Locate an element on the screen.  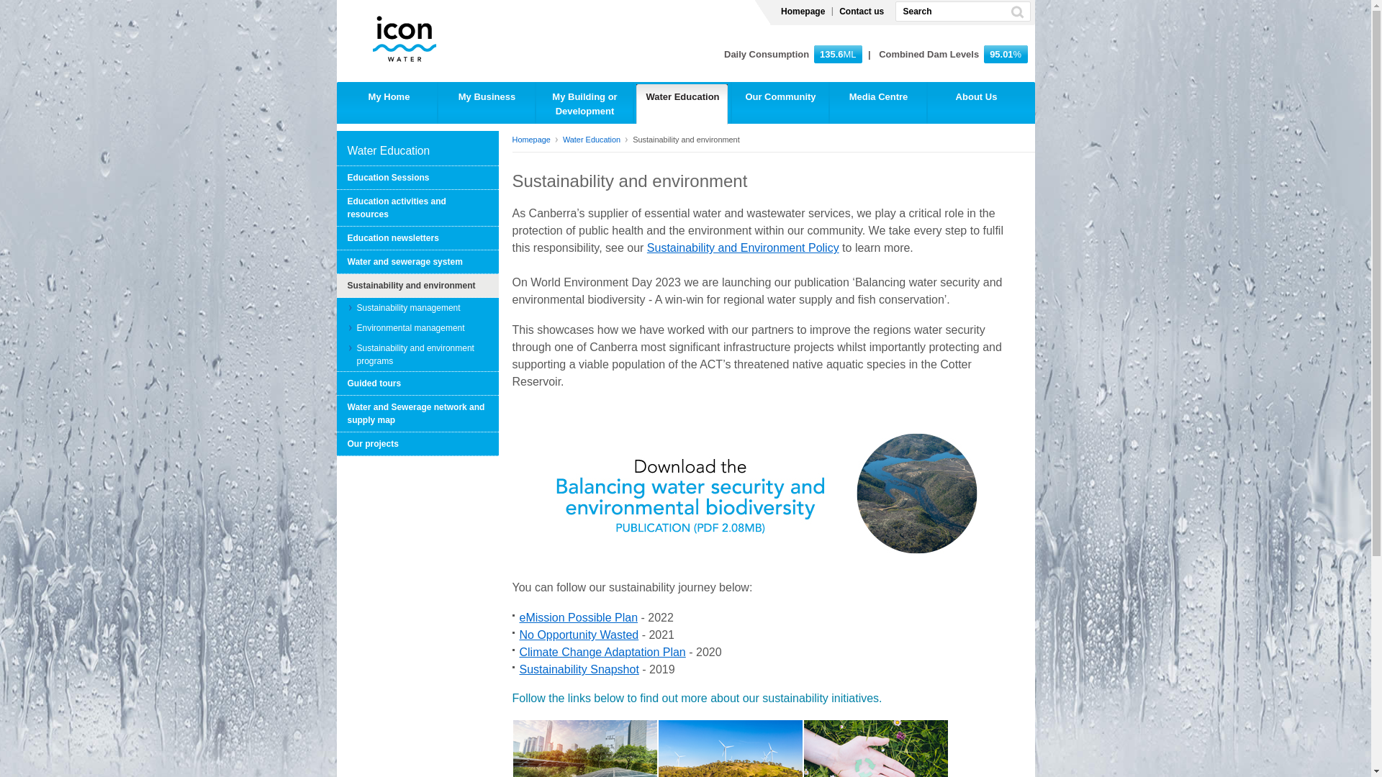
'Environmental management' is located at coordinates (417, 327).